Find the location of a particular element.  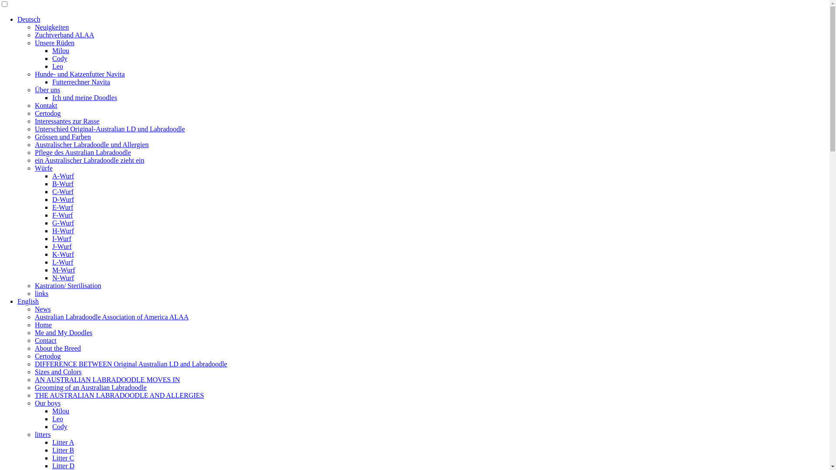

'Litter D' is located at coordinates (63, 465).